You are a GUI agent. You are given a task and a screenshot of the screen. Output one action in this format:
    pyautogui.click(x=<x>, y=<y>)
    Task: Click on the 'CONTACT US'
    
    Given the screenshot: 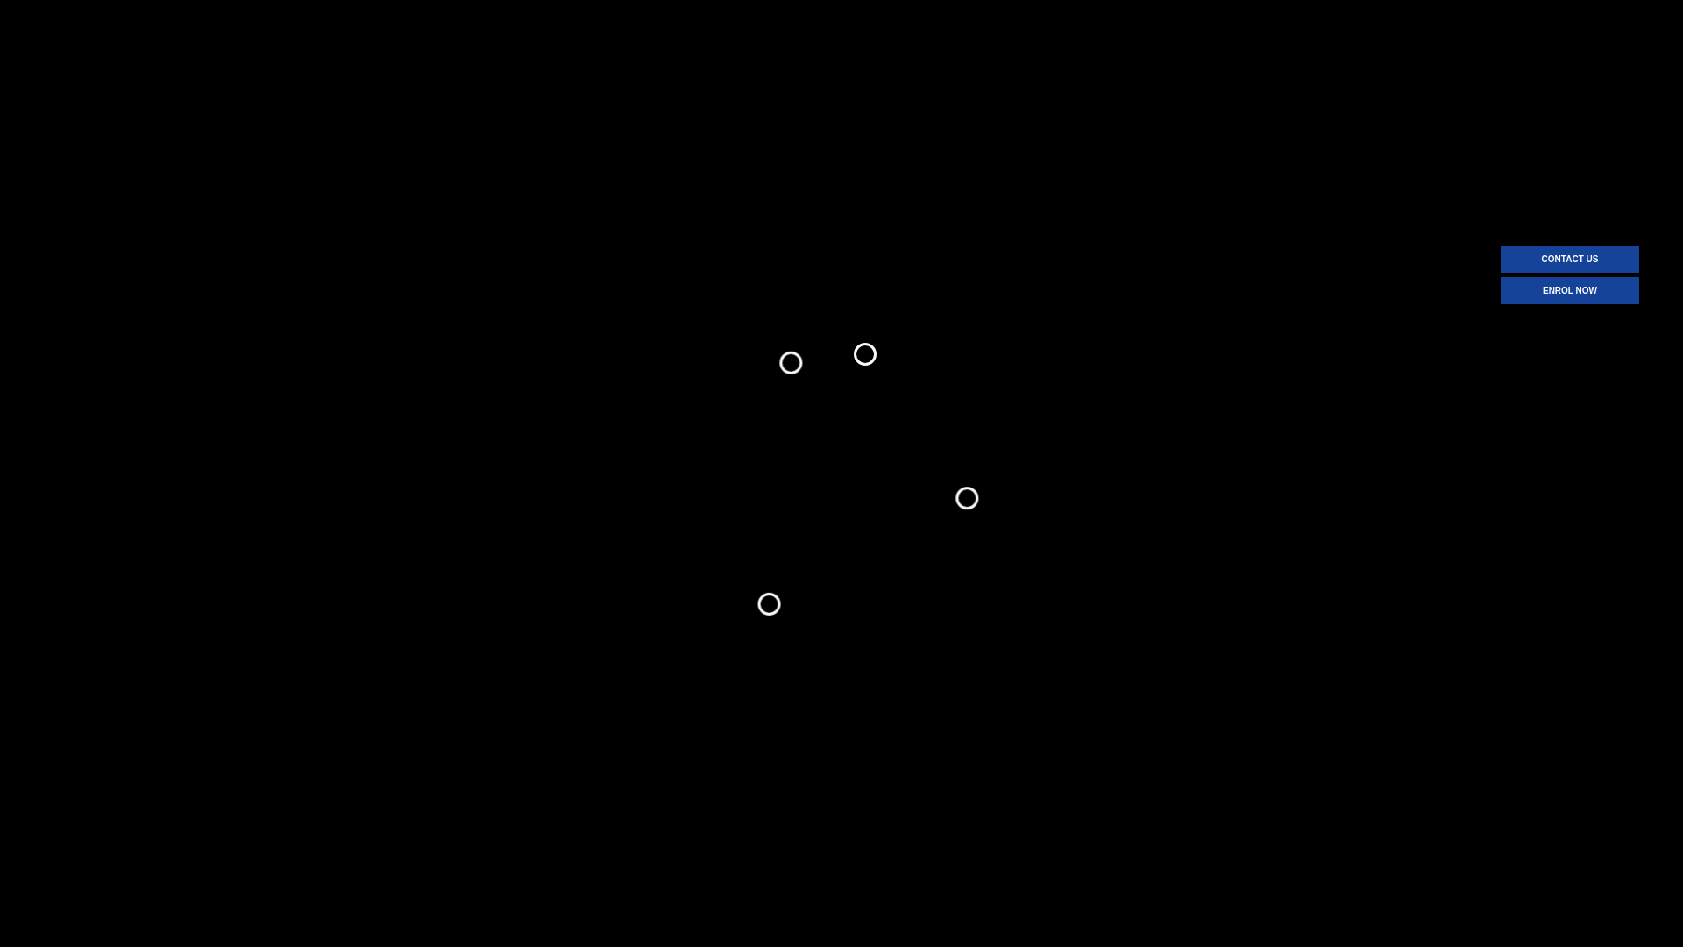 What is the action you would take?
    pyautogui.click(x=1500, y=259)
    